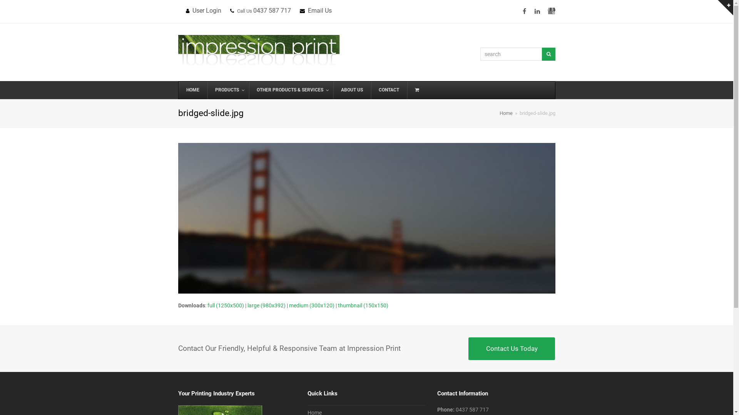  I want to click on 'Search', so click(541, 54).